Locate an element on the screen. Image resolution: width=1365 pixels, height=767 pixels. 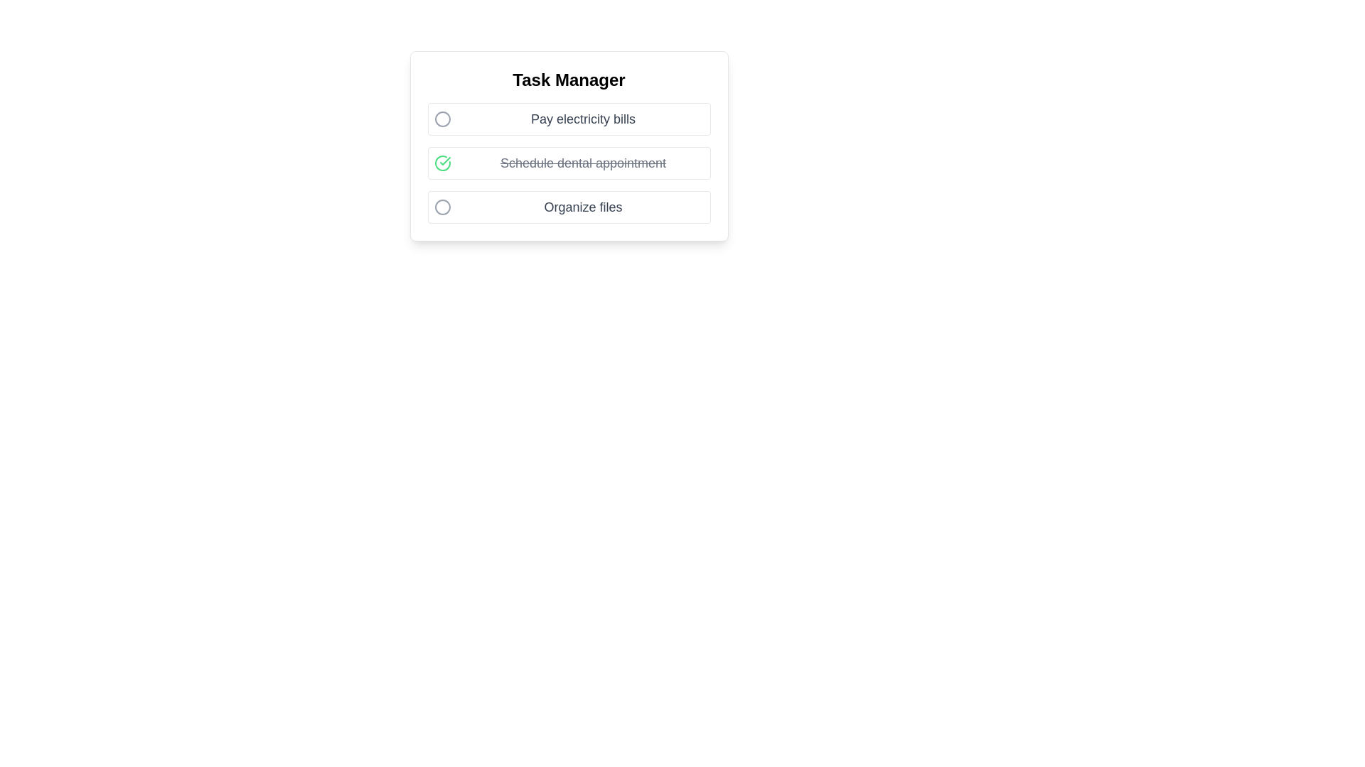
the gray circular icon that serves as an interactive status marker for the 'Organize files' task is located at coordinates (441, 207).